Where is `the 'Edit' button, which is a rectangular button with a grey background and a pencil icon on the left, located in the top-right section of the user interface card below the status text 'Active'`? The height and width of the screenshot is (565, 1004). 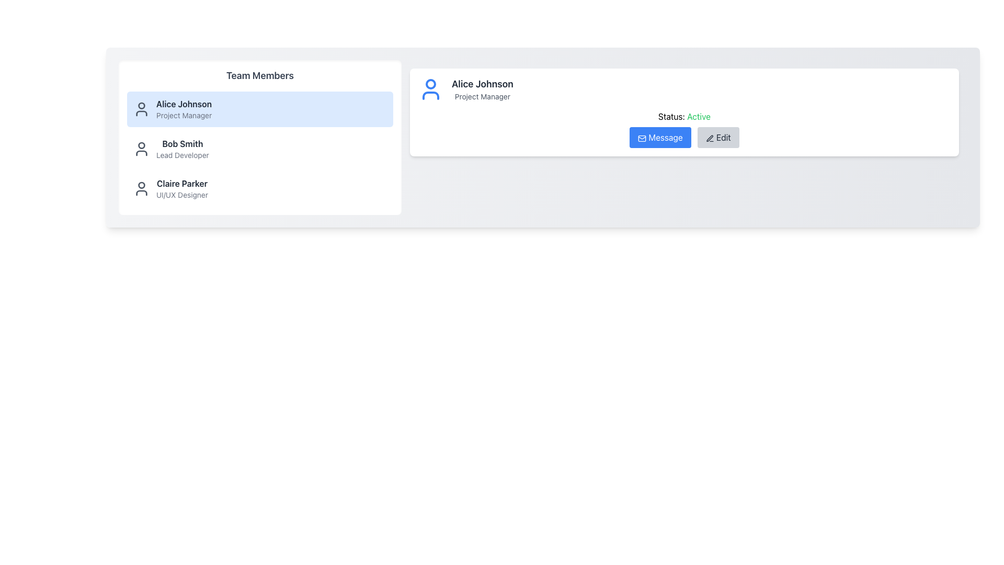 the 'Edit' button, which is a rectangular button with a grey background and a pencil icon on the left, located in the top-right section of the user interface card below the status text 'Active' is located at coordinates (717, 137).